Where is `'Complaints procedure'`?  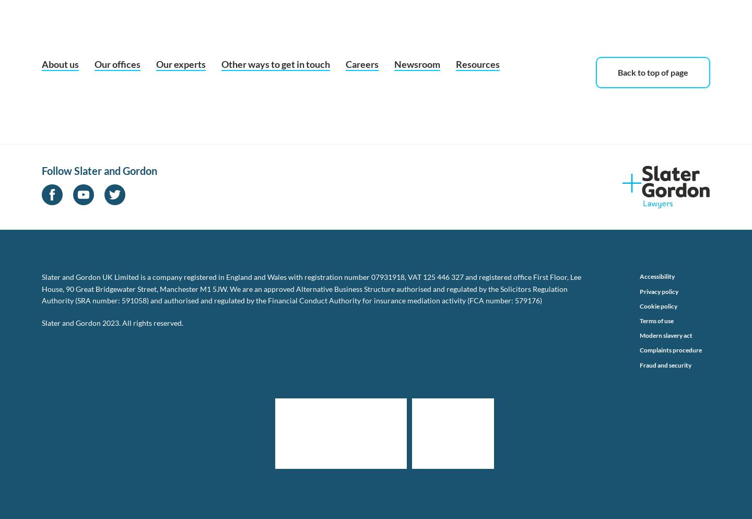 'Complaints procedure' is located at coordinates (671, 350).